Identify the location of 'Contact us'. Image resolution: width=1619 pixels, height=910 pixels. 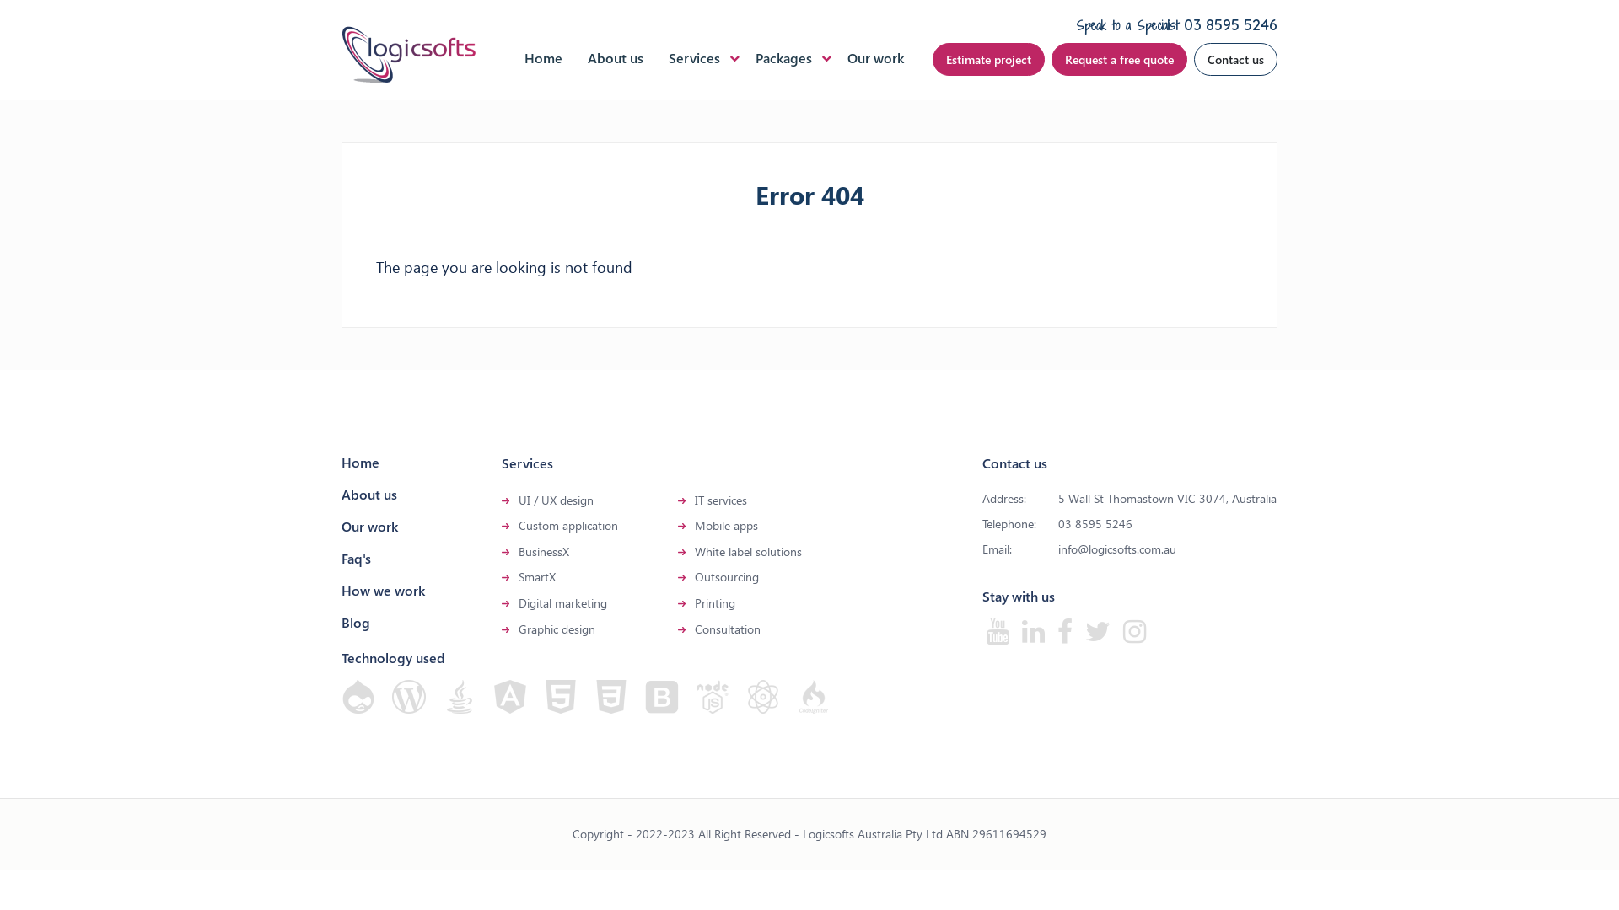
(1193, 58).